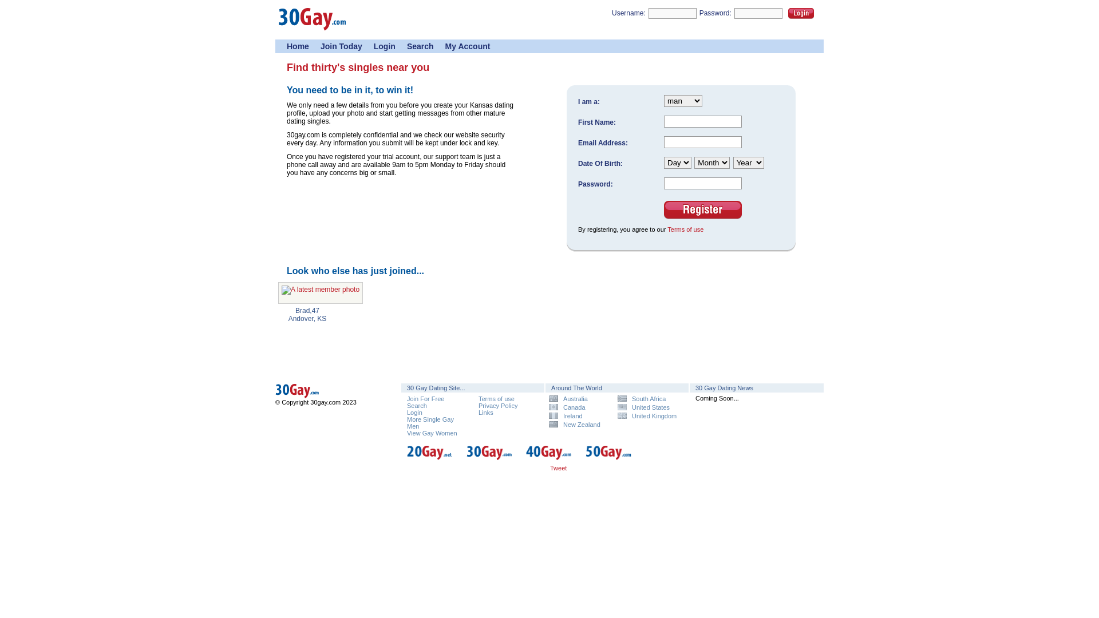 The width and height of the screenshot is (1099, 618). Describe the element at coordinates (647, 398) in the screenshot. I see `'South Africa'` at that location.